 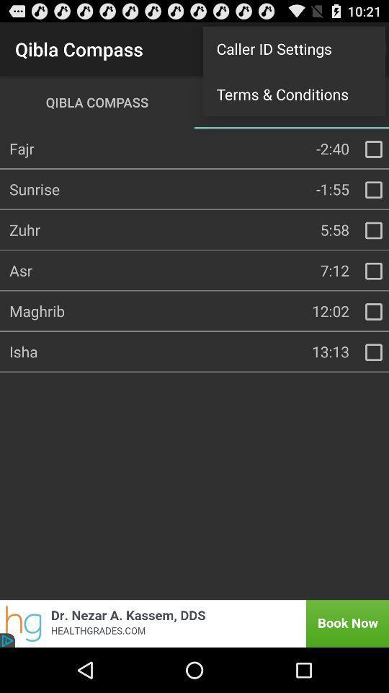 I want to click on book now, so click(x=194, y=623).